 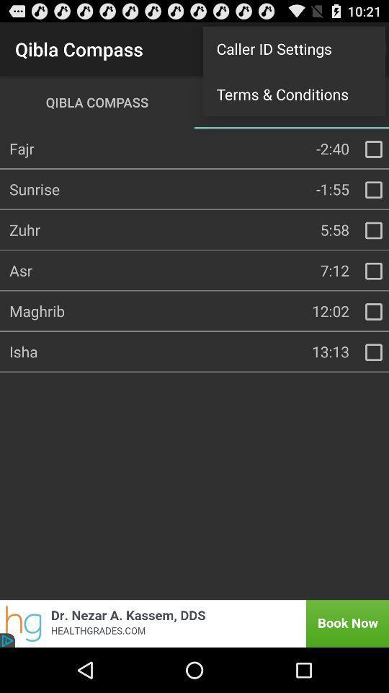 I want to click on book now, so click(x=194, y=623).